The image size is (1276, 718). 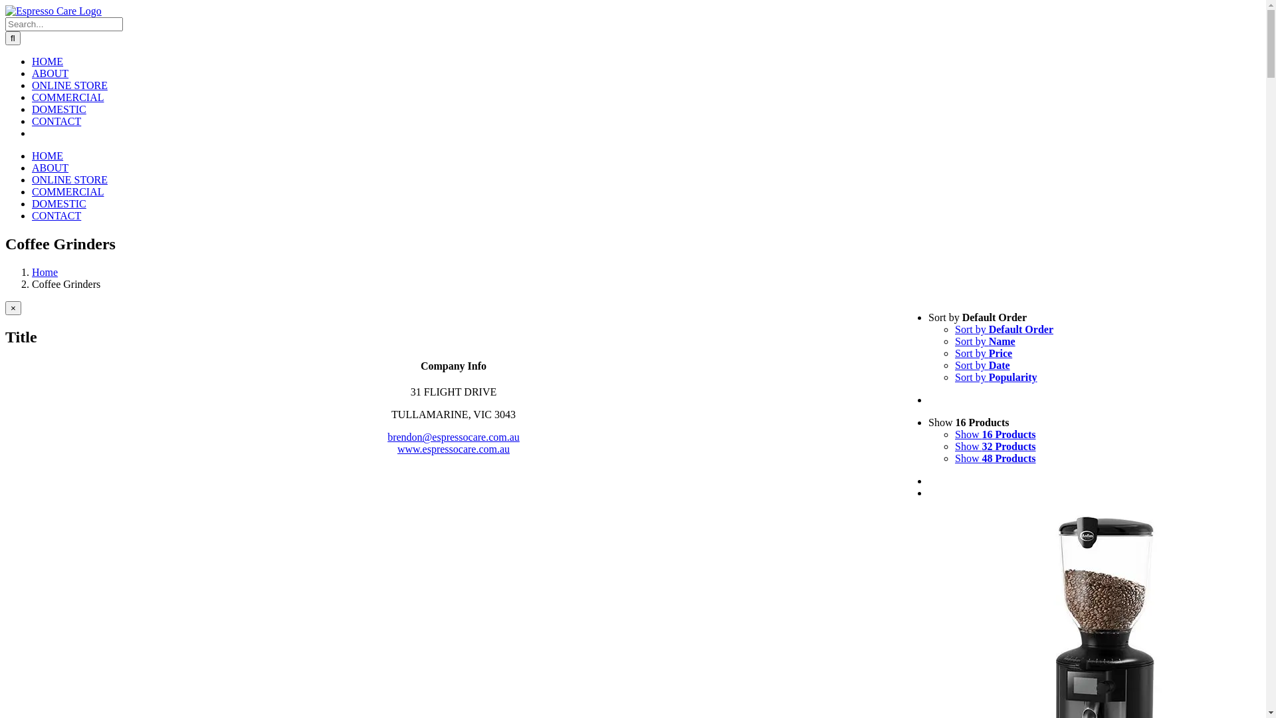 I want to click on 'ONLINE STORE', so click(x=69, y=179).